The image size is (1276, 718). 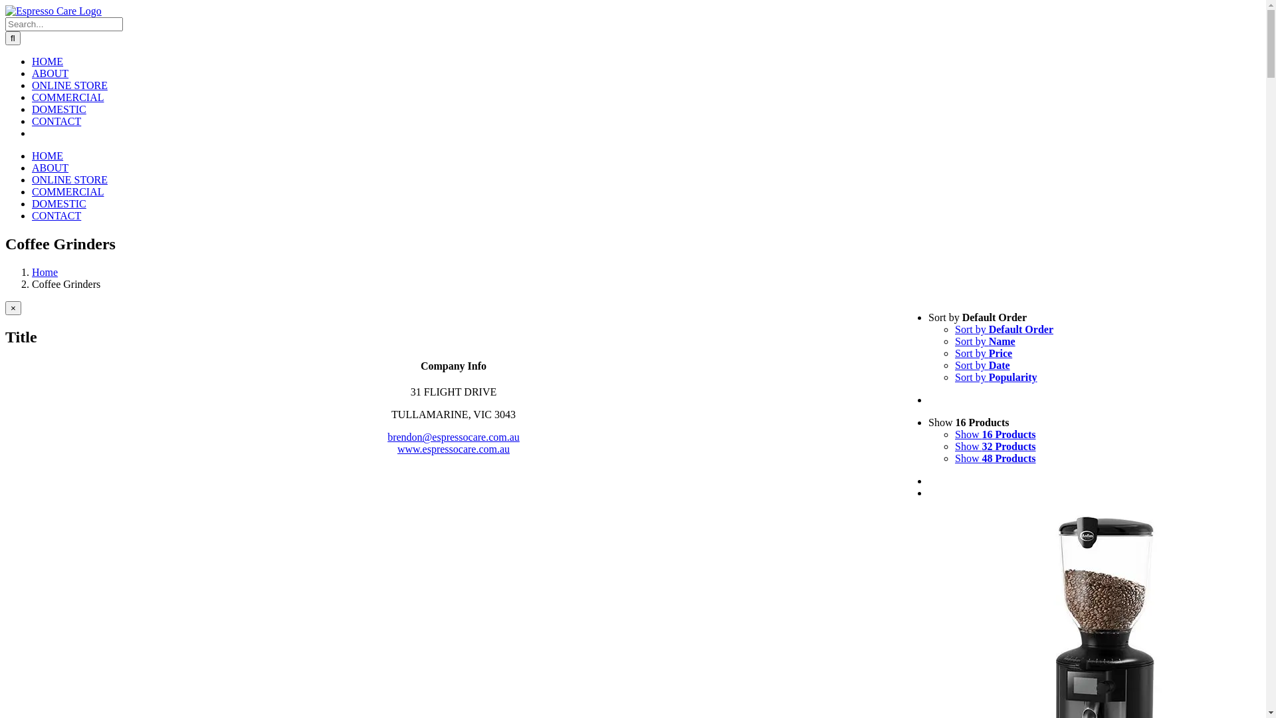 I want to click on 'ONLINE STORE', so click(x=69, y=179).